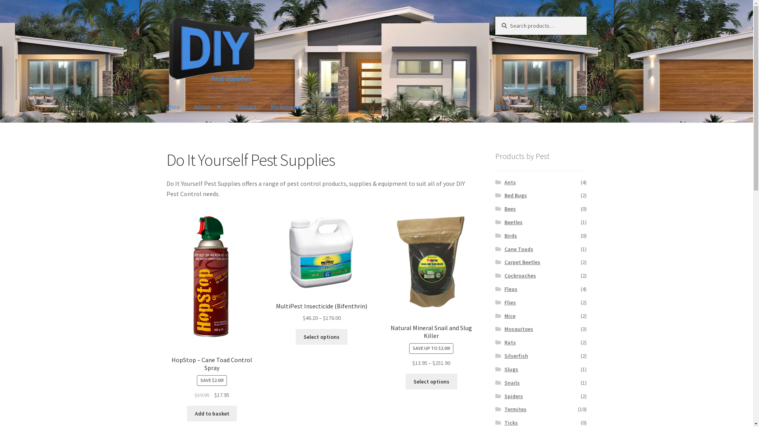 The image size is (759, 427). I want to click on 'My Account', so click(264, 107).